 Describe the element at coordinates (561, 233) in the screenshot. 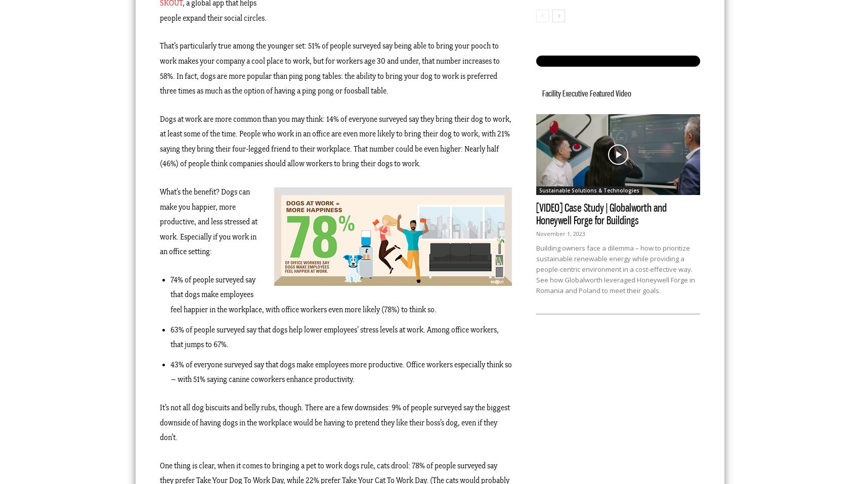

I see `'November 1, 2023'` at that location.